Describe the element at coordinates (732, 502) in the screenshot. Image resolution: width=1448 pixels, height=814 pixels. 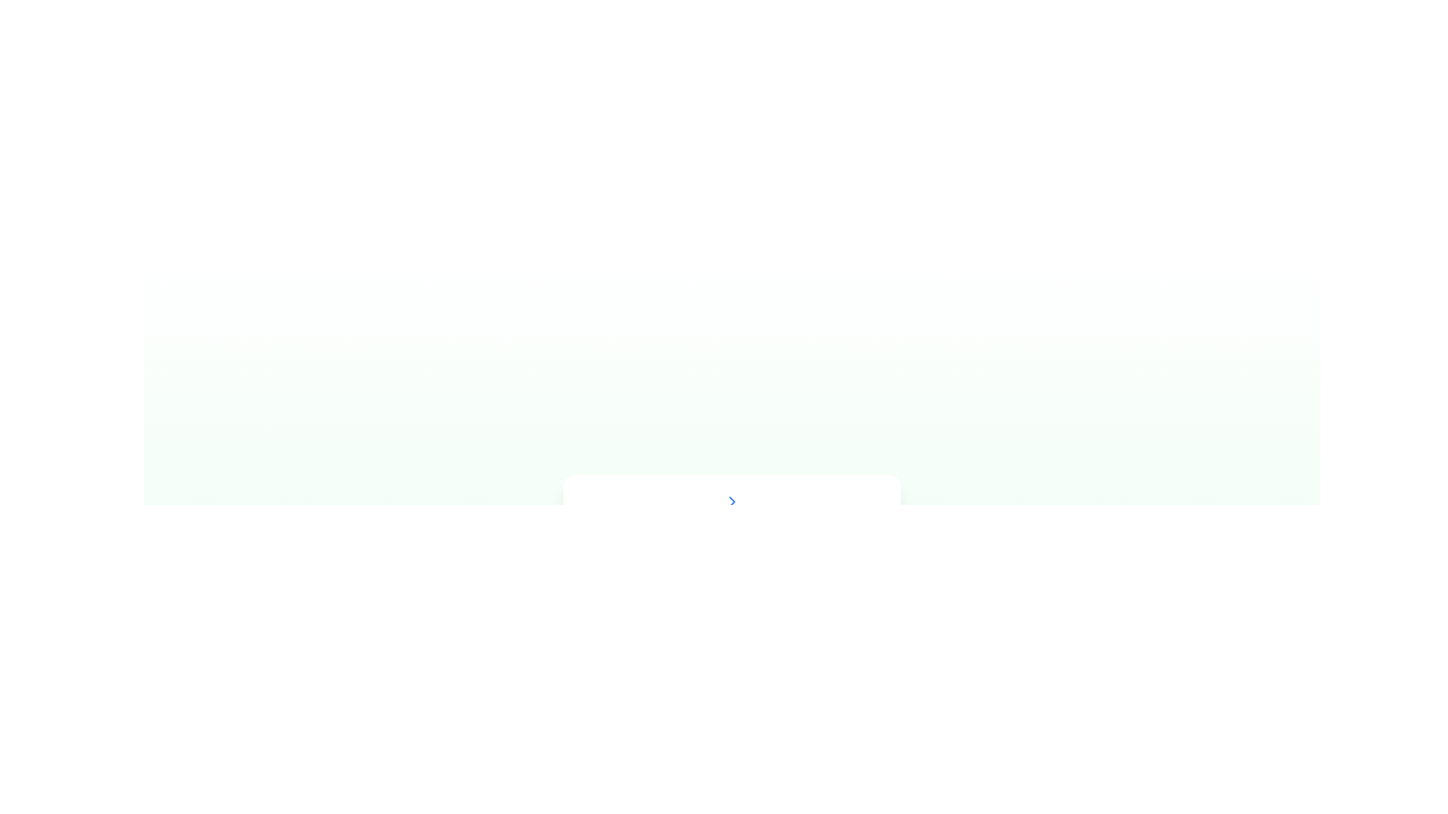
I see `the rightward chevron arrow icon, which is a blue arrow composed of three connected straight lines` at that location.